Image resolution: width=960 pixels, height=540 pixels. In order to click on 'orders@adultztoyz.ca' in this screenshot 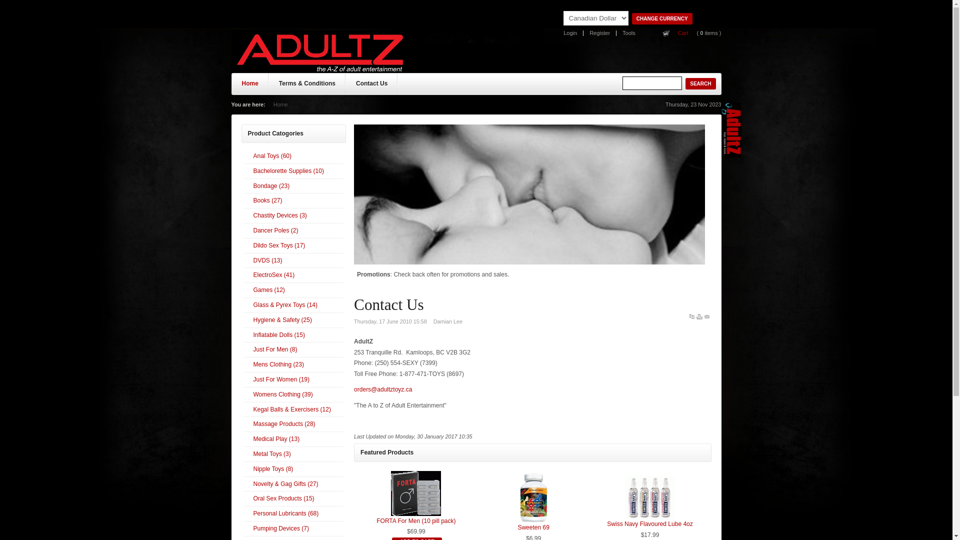, I will do `click(382, 389)`.